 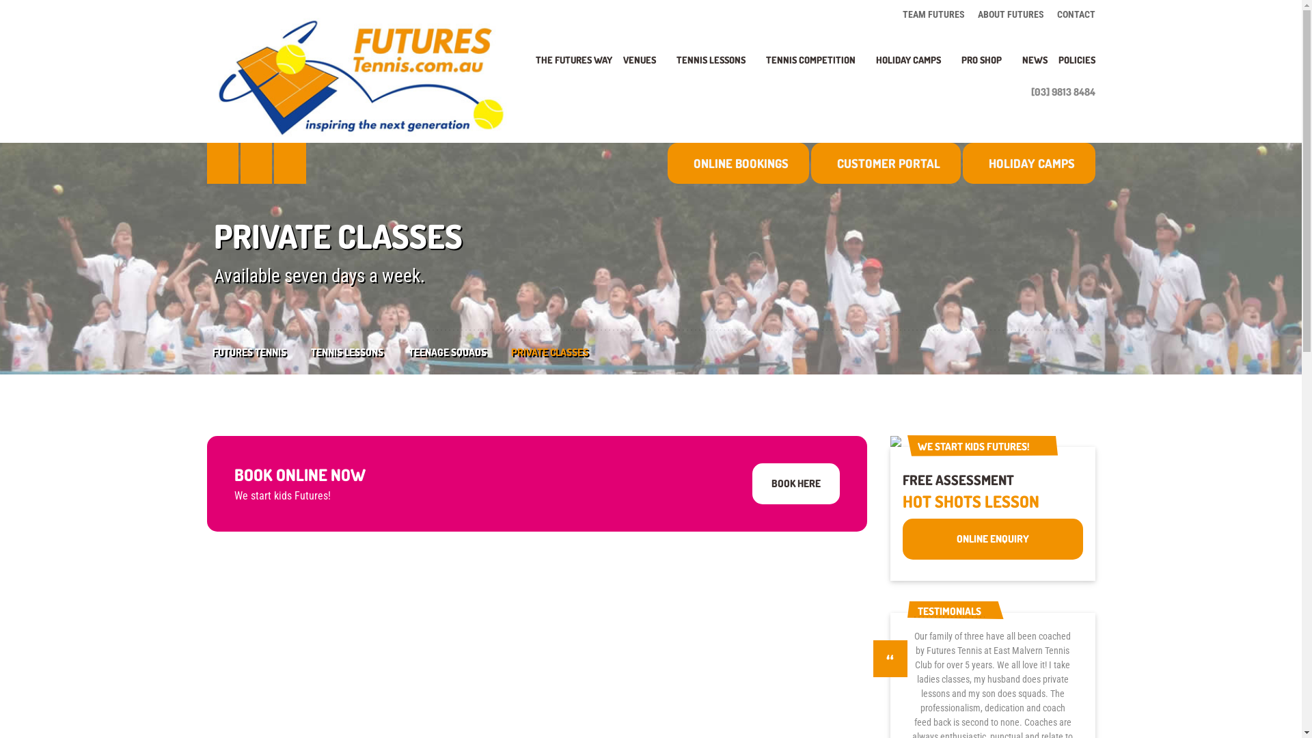 I want to click on 'NEWS', so click(x=1017, y=67).